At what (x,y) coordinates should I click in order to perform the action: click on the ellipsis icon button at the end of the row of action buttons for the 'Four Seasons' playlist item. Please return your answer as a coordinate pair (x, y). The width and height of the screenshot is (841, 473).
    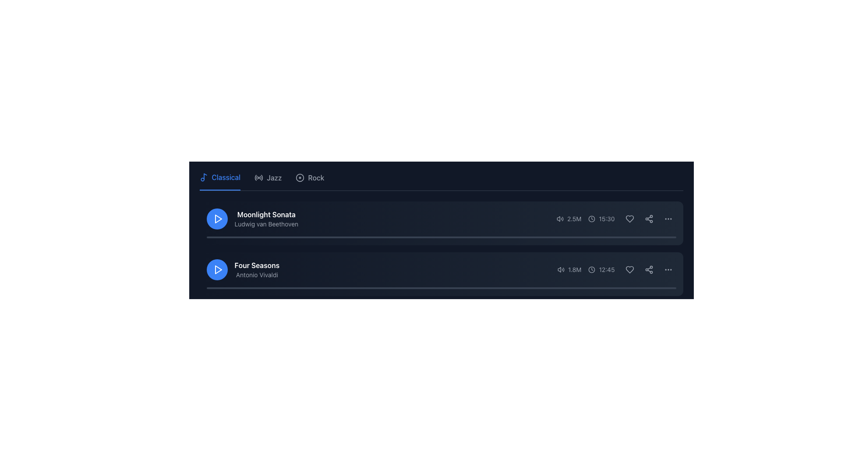
    Looking at the image, I should click on (668, 269).